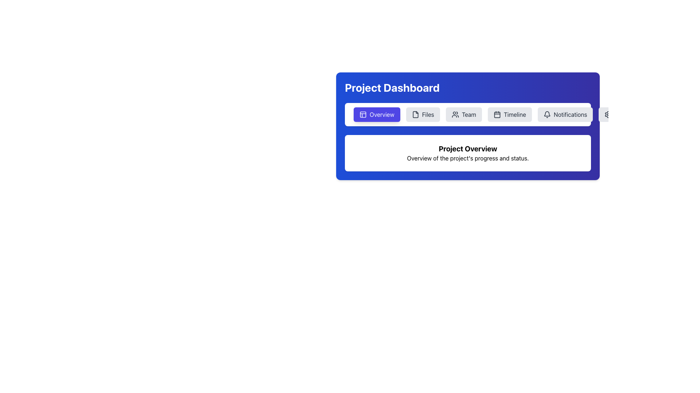  Describe the element at coordinates (392, 87) in the screenshot. I see `the Text header that indicates the 'Project Dashboard' section at the top-left of the layout card` at that location.